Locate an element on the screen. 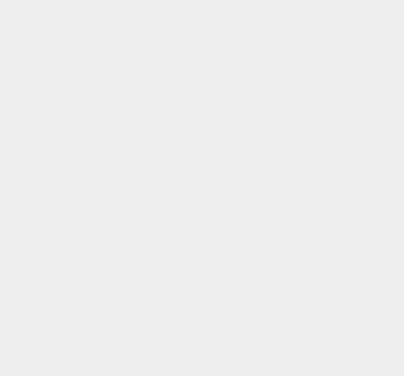 The height and width of the screenshot is (376, 404). 'Marketplace' is located at coordinates (299, 110).